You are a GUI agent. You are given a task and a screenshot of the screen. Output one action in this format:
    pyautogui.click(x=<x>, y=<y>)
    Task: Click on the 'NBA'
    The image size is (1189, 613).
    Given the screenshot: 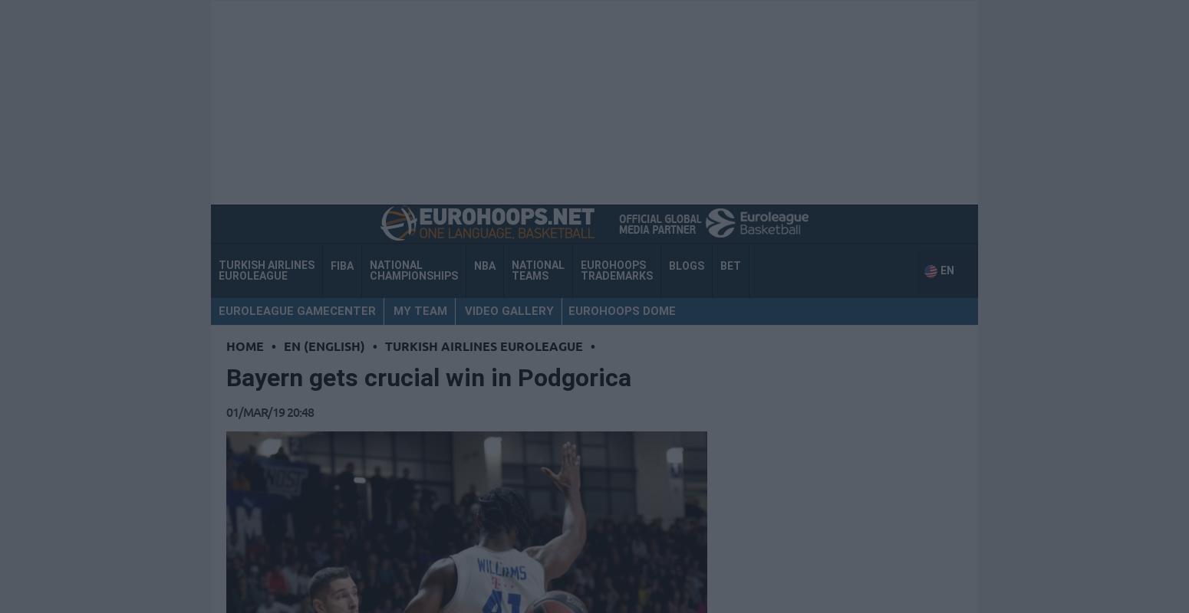 What is the action you would take?
    pyautogui.click(x=483, y=265)
    